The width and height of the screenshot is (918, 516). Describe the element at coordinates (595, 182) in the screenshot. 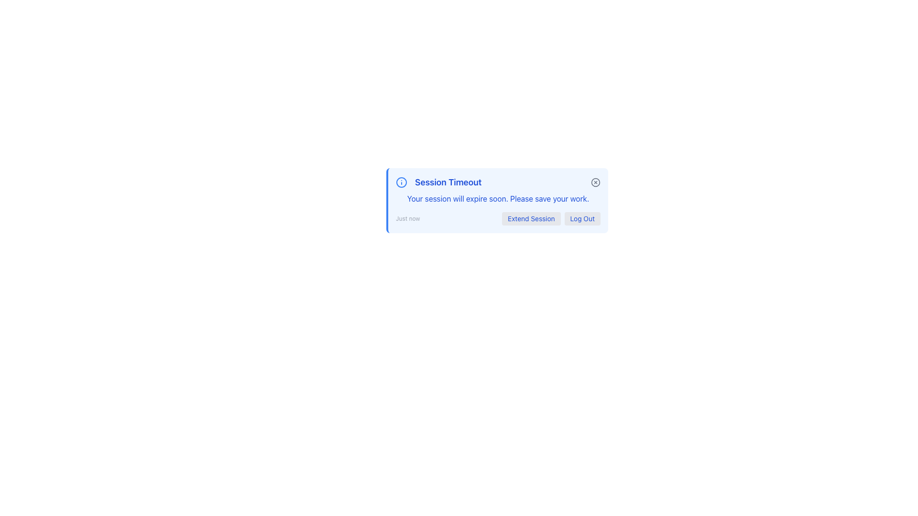

I see `the circular graphic component located in the top-right corner of the dialog box, which represents an icon for a specific action` at that location.